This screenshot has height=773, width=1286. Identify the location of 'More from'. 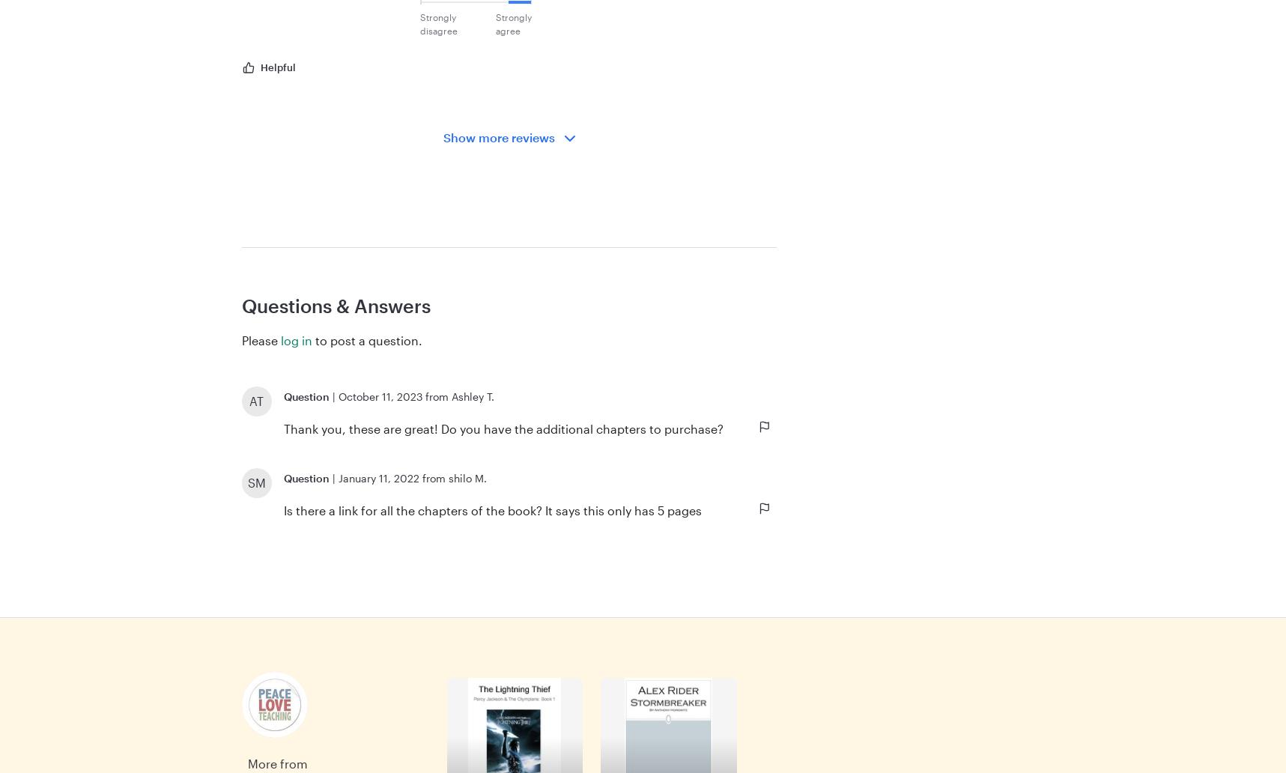
(277, 763).